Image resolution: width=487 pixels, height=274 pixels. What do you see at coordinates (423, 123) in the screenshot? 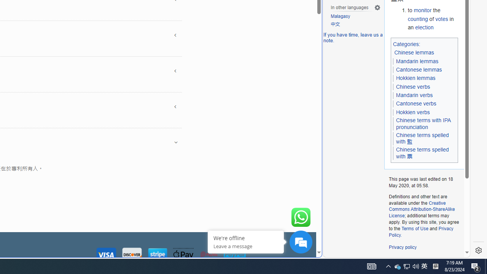
I see `'Chinese terms with IPA pronunciation'` at bounding box center [423, 123].